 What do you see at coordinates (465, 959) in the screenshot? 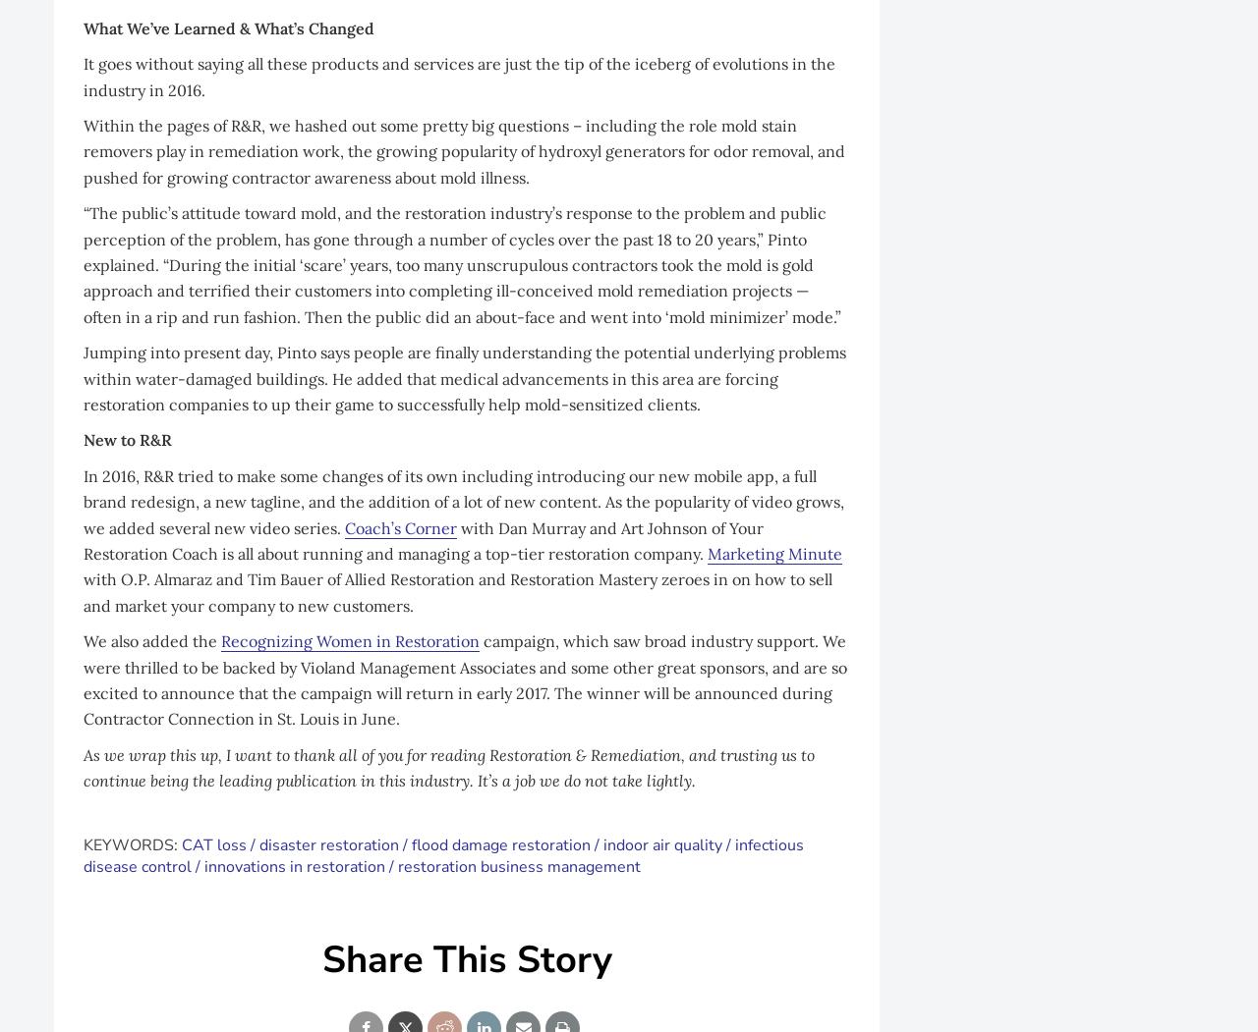
I see `'Share This Story'` at bounding box center [465, 959].